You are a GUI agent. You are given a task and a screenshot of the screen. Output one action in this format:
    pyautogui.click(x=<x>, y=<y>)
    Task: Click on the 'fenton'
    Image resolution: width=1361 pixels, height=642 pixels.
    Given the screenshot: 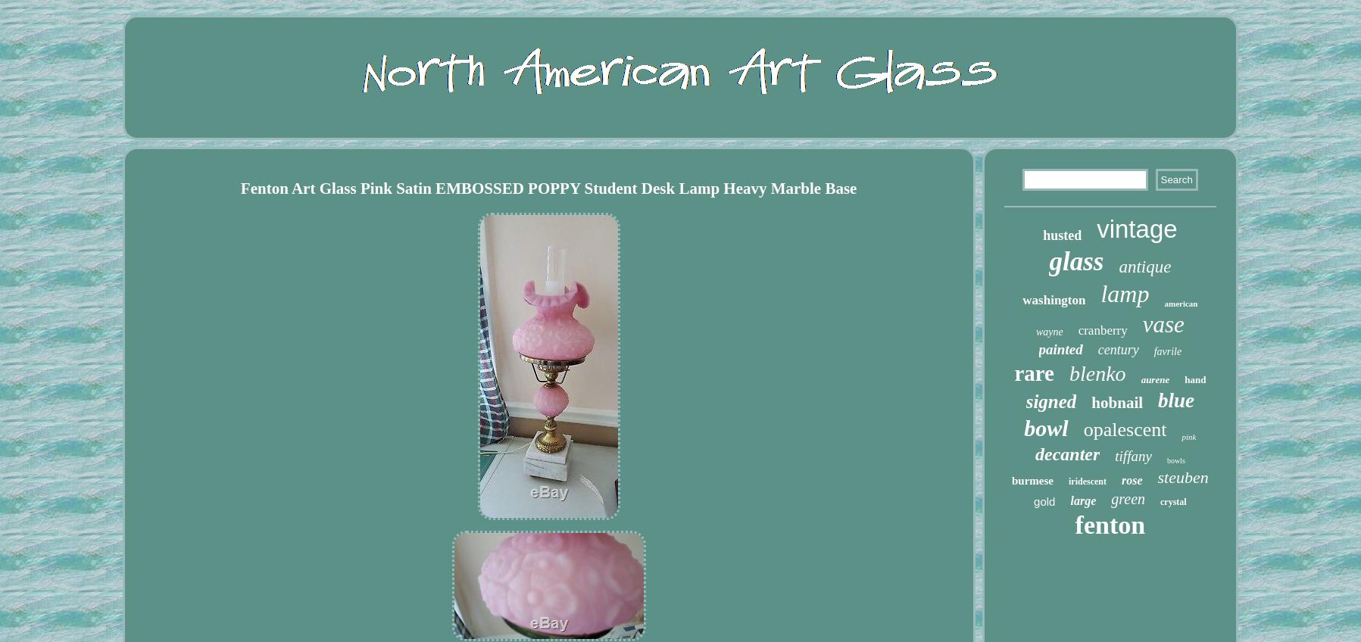 What is the action you would take?
    pyautogui.click(x=1109, y=525)
    